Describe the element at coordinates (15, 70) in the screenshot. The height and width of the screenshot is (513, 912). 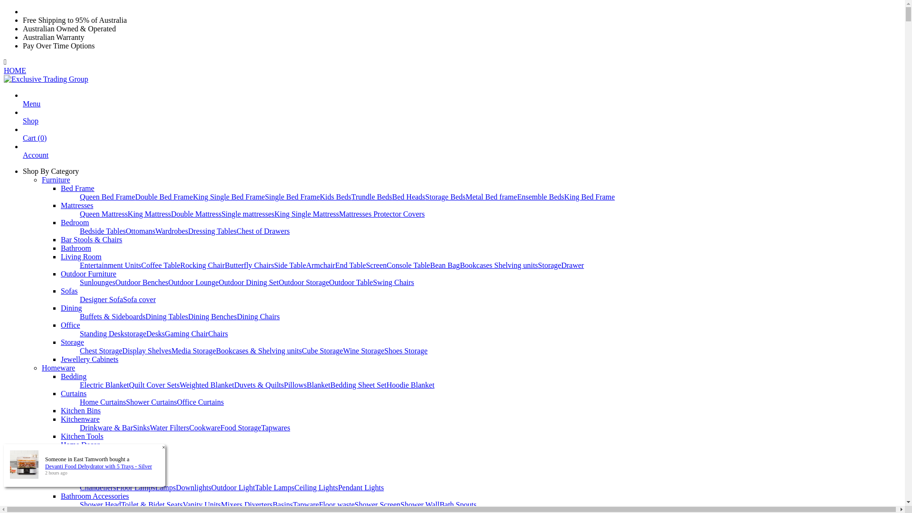
I see `'HOME'` at that location.